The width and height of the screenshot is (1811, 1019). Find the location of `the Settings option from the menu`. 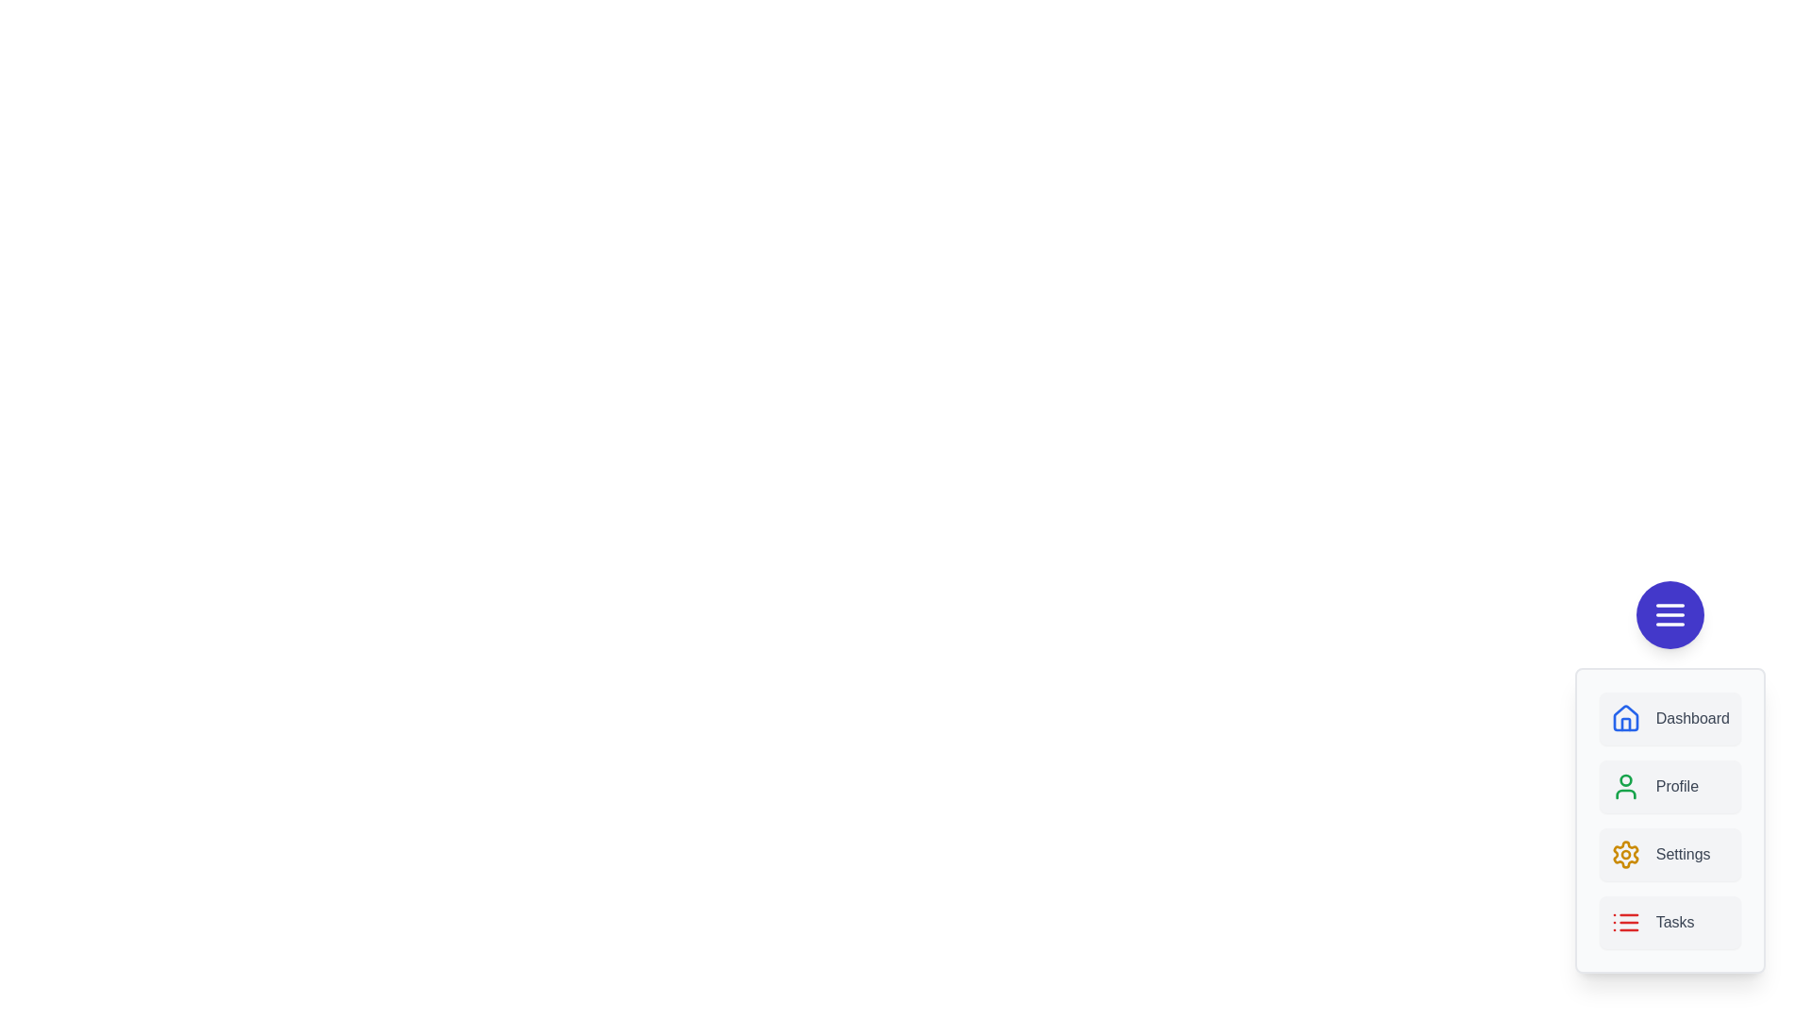

the Settings option from the menu is located at coordinates (1670, 855).